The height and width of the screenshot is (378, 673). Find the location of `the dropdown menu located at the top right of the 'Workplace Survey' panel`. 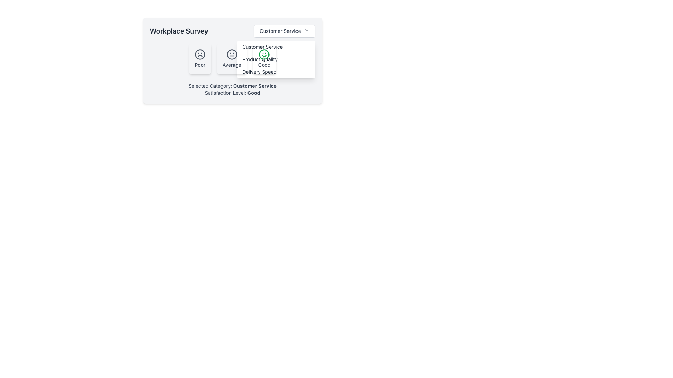

the dropdown menu located at the top right of the 'Workplace Survey' panel is located at coordinates (284, 30).